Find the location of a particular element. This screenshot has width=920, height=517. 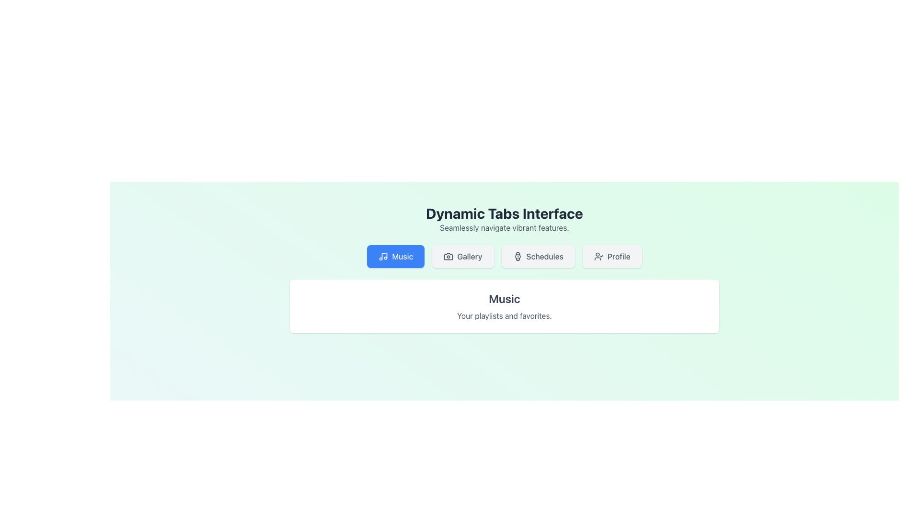

the 'Gallery' tab text label, which serves as an informative label within the navigation interface is located at coordinates (470, 256).